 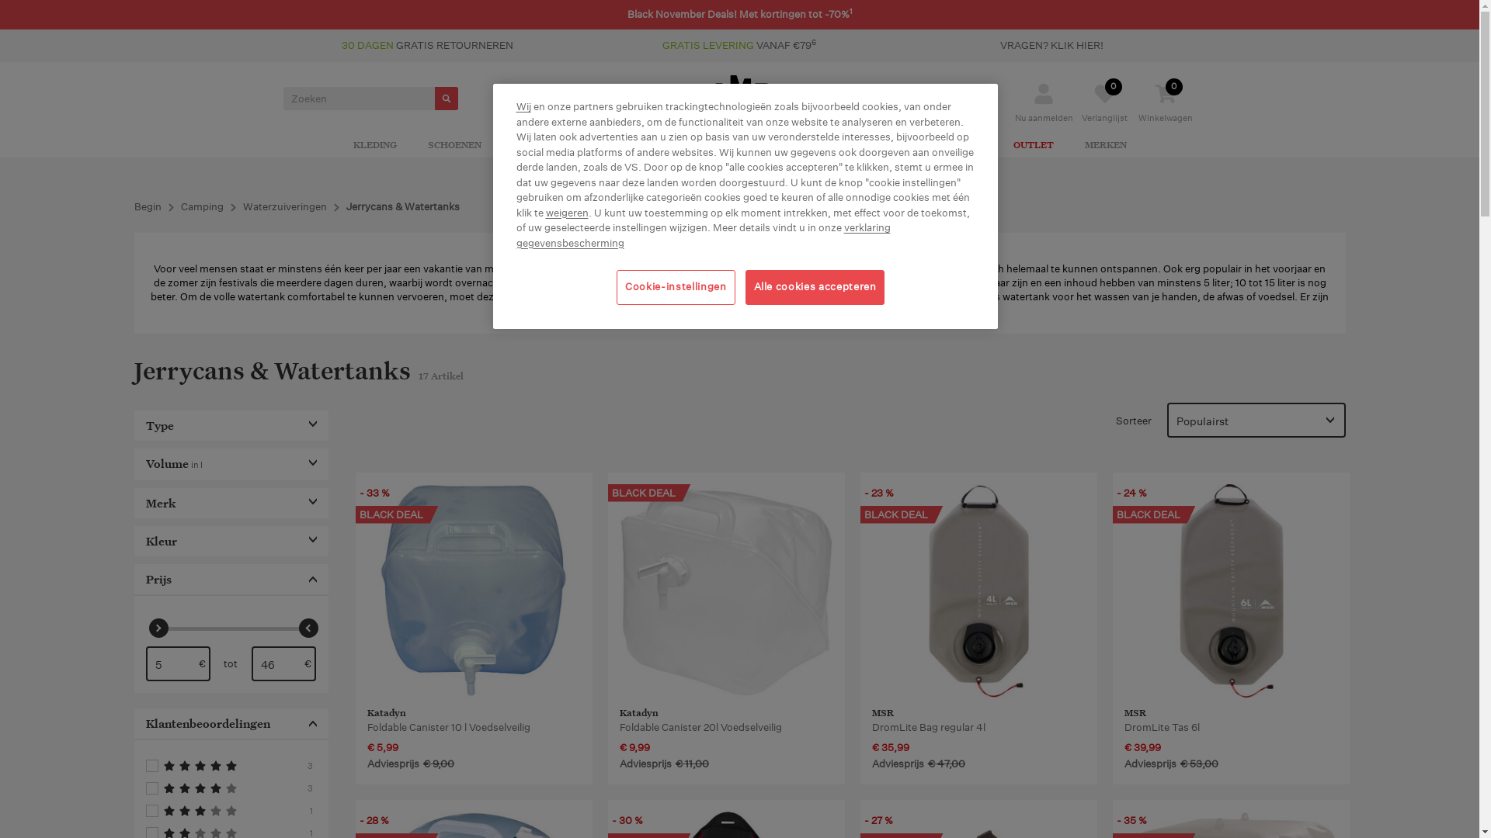 What do you see at coordinates (864, 146) in the screenshot?
I see `'ACTIVITEITEN'` at bounding box center [864, 146].